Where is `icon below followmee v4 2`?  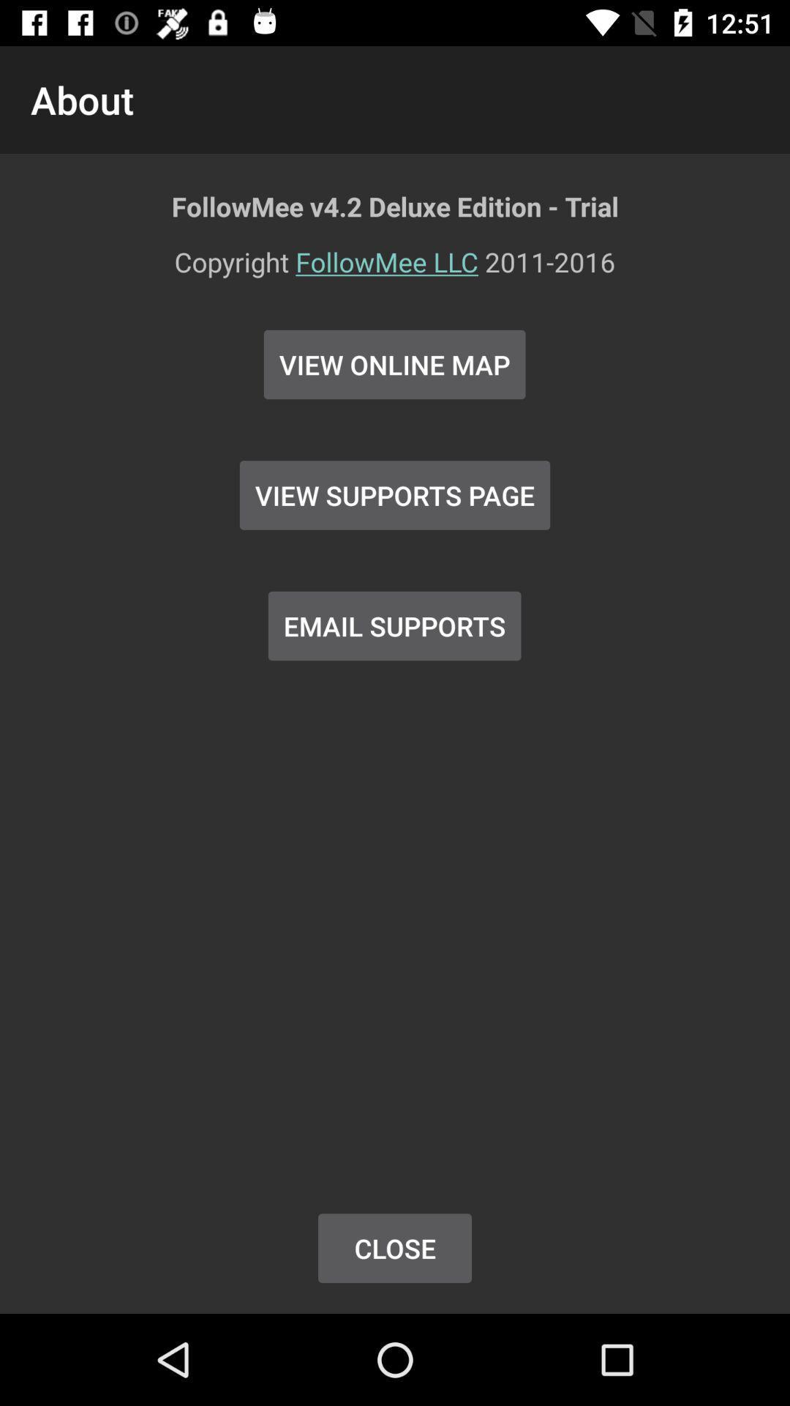
icon below followmee v4 2 is located at coordinates (395, 271).